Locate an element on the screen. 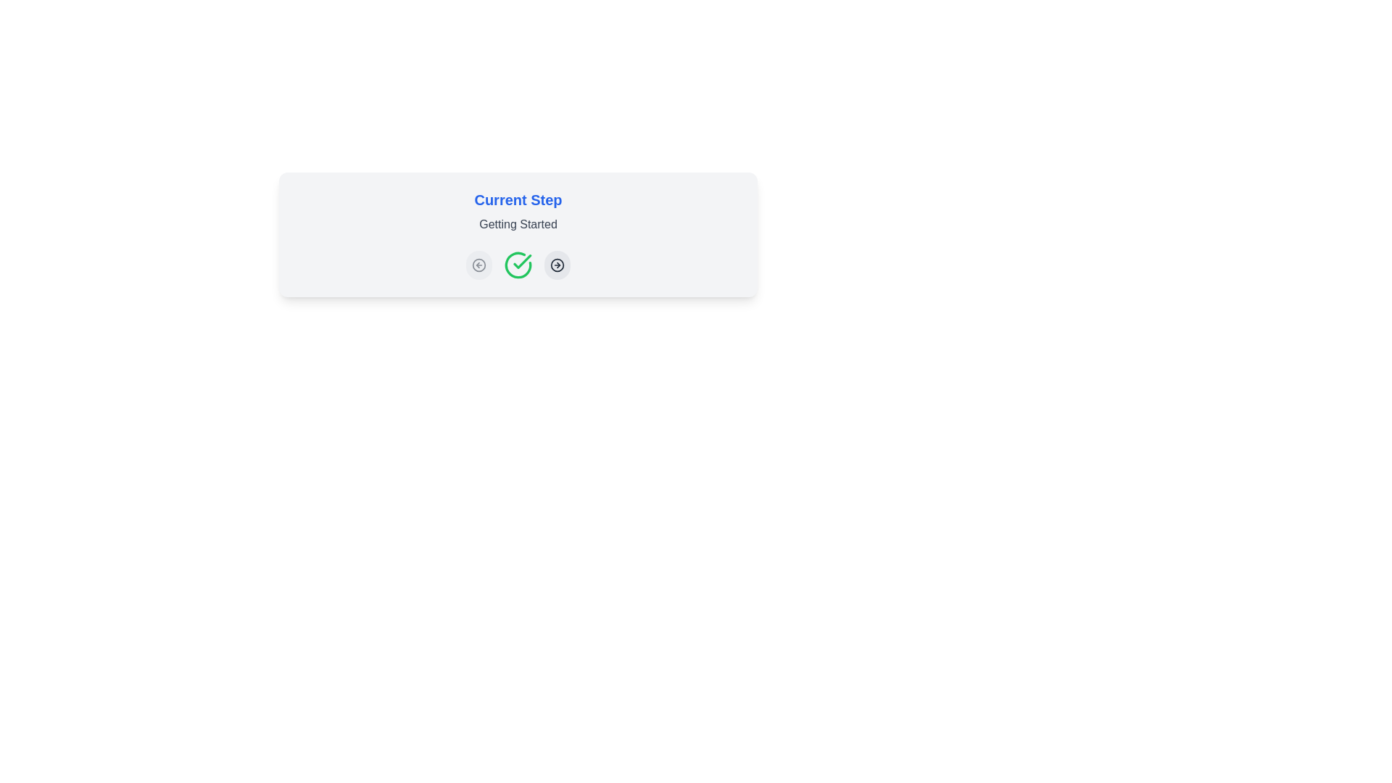  the forward action icon located within the rightmost clickable circle in the row of controls beneath the 'Current Step' text is located at coordinates (556, 265).